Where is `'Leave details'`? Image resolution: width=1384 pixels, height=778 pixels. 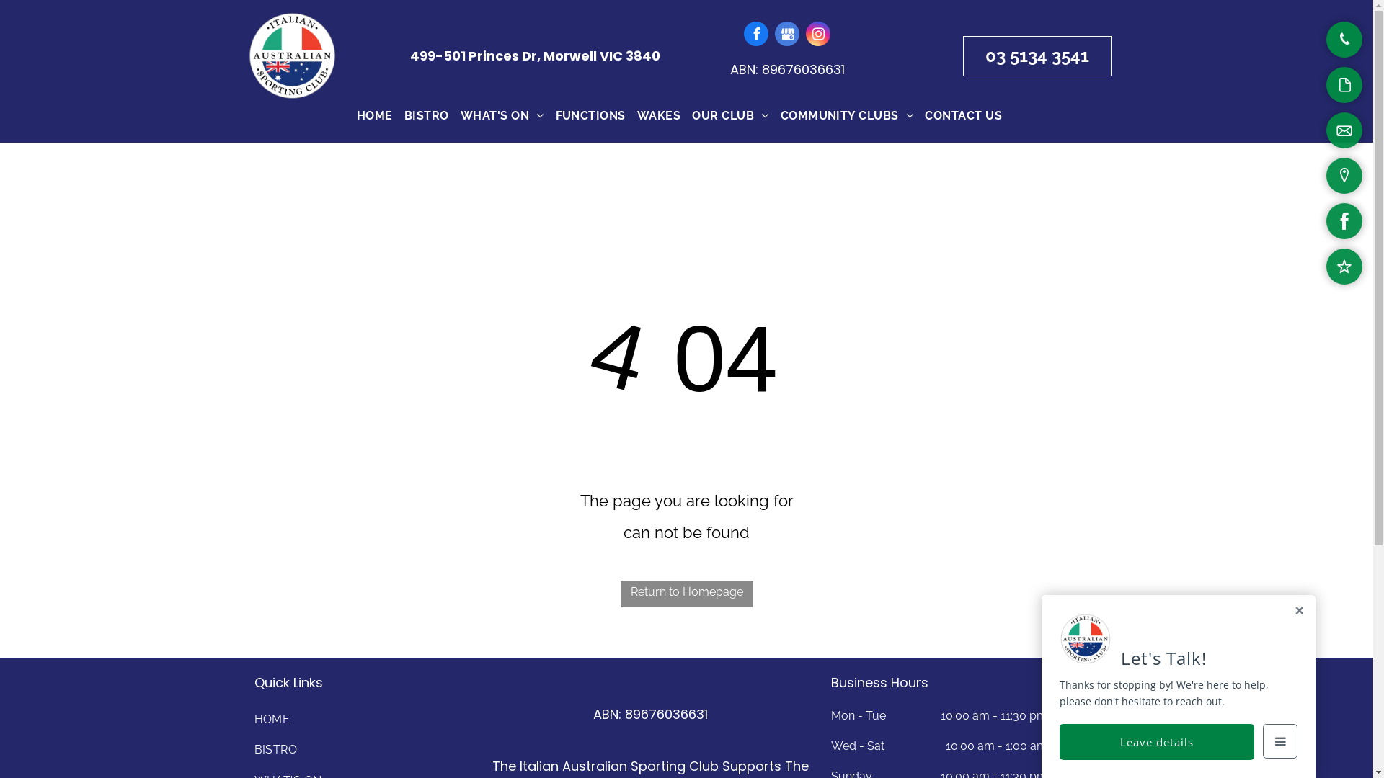
'Leave details' is located at coordinates (1156, 741).